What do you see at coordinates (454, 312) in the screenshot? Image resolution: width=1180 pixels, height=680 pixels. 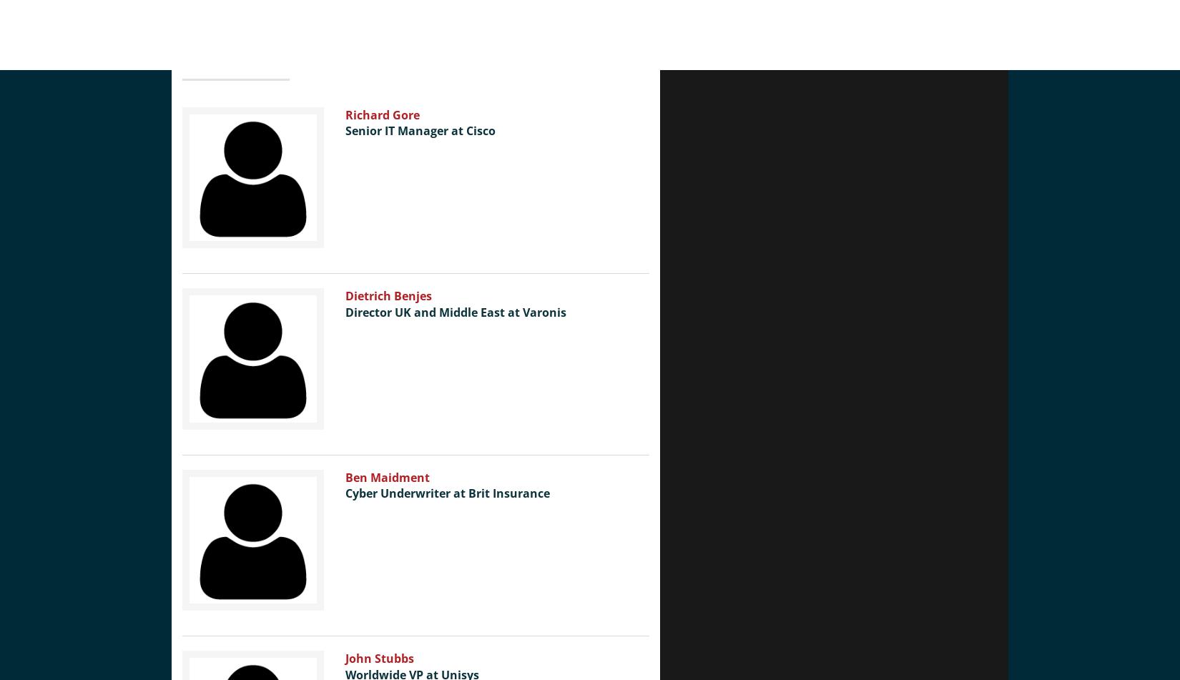 I see `'Director UK and Middle East at Varonis'` at bounding box center [454, 312].